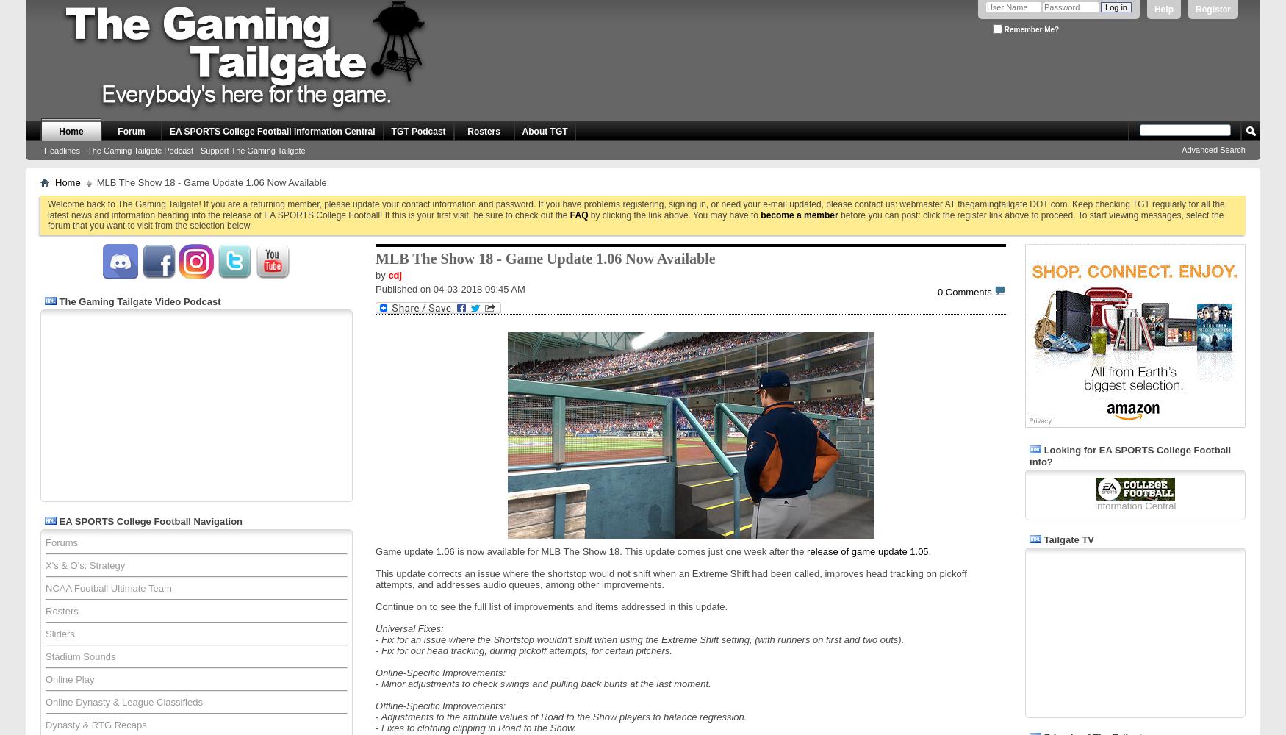  What do you see at coordinates (1129, 454) in the screenshot?
I see `'Looking for EA SPORTS College Football info?'` at bounding box center [1129, 454].